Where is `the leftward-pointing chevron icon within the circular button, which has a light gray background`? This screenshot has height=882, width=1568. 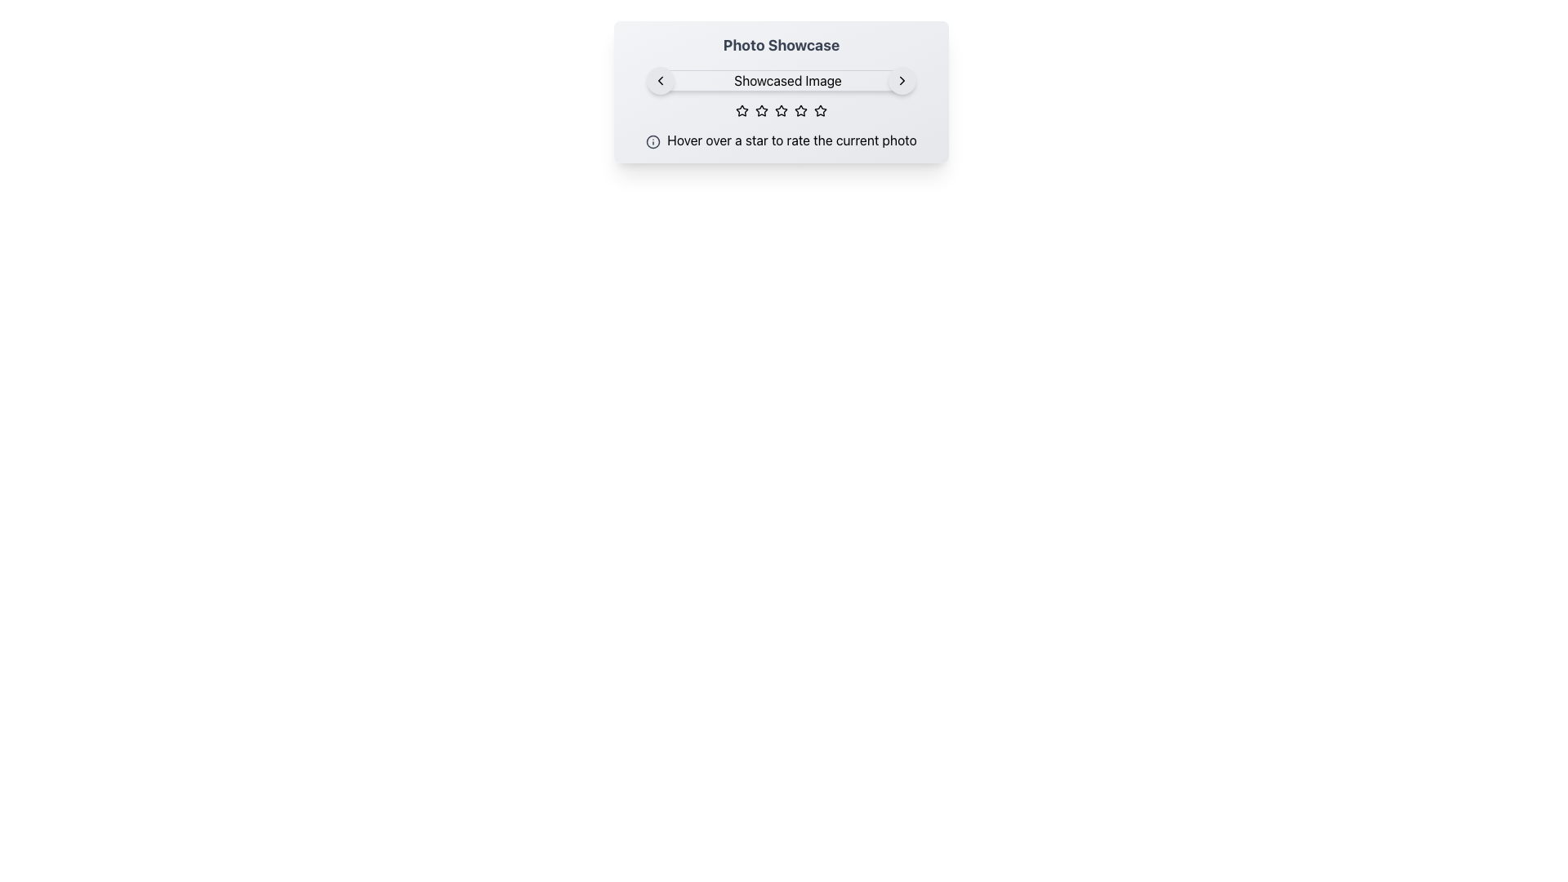
the leftward-pointing chevron icon within the circular button, which has a light gray background is located at coordinates (661, 81).